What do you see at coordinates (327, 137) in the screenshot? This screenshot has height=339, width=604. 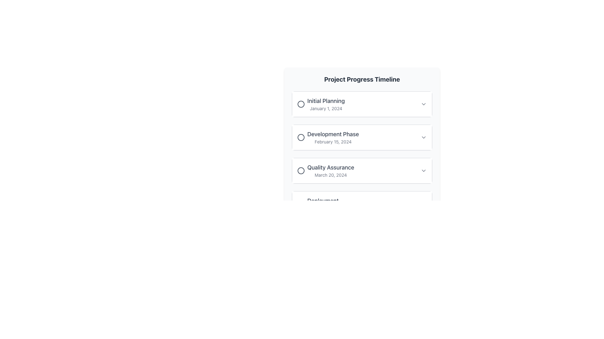 I see `the circular icon of the 'Development Phase' list item in the 'Project Progress Timeline' section` at bounding box center [327, 137].